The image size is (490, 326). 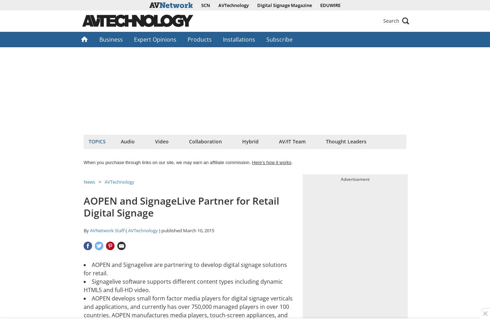 I want to click on 'Advertisement', so click(x=340, y=179).